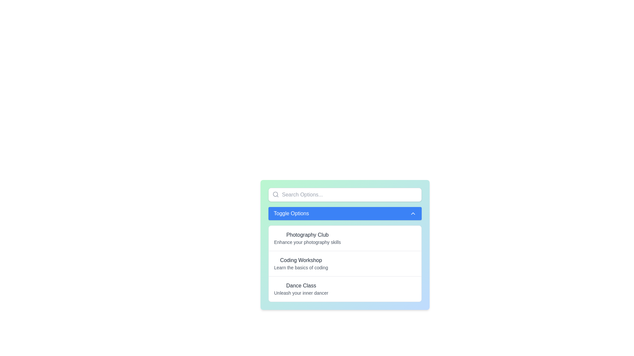 This screenshot has height=356, width=634. Describe the element at coordinates (276, 194) in the screenshot. I see `the magnifying glass icon located near the top left corner of the 'Search Options...' input field to interact with the associated search field` at that location.